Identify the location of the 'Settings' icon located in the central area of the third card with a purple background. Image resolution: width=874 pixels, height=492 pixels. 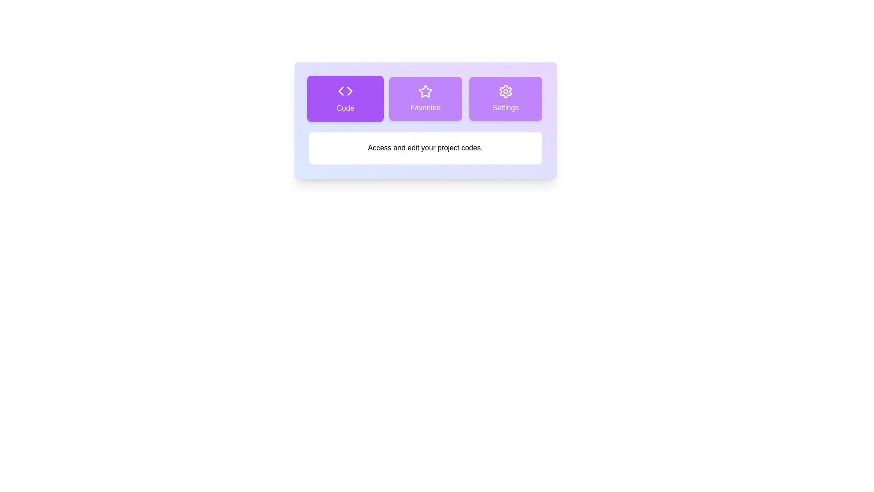
(505, 91).